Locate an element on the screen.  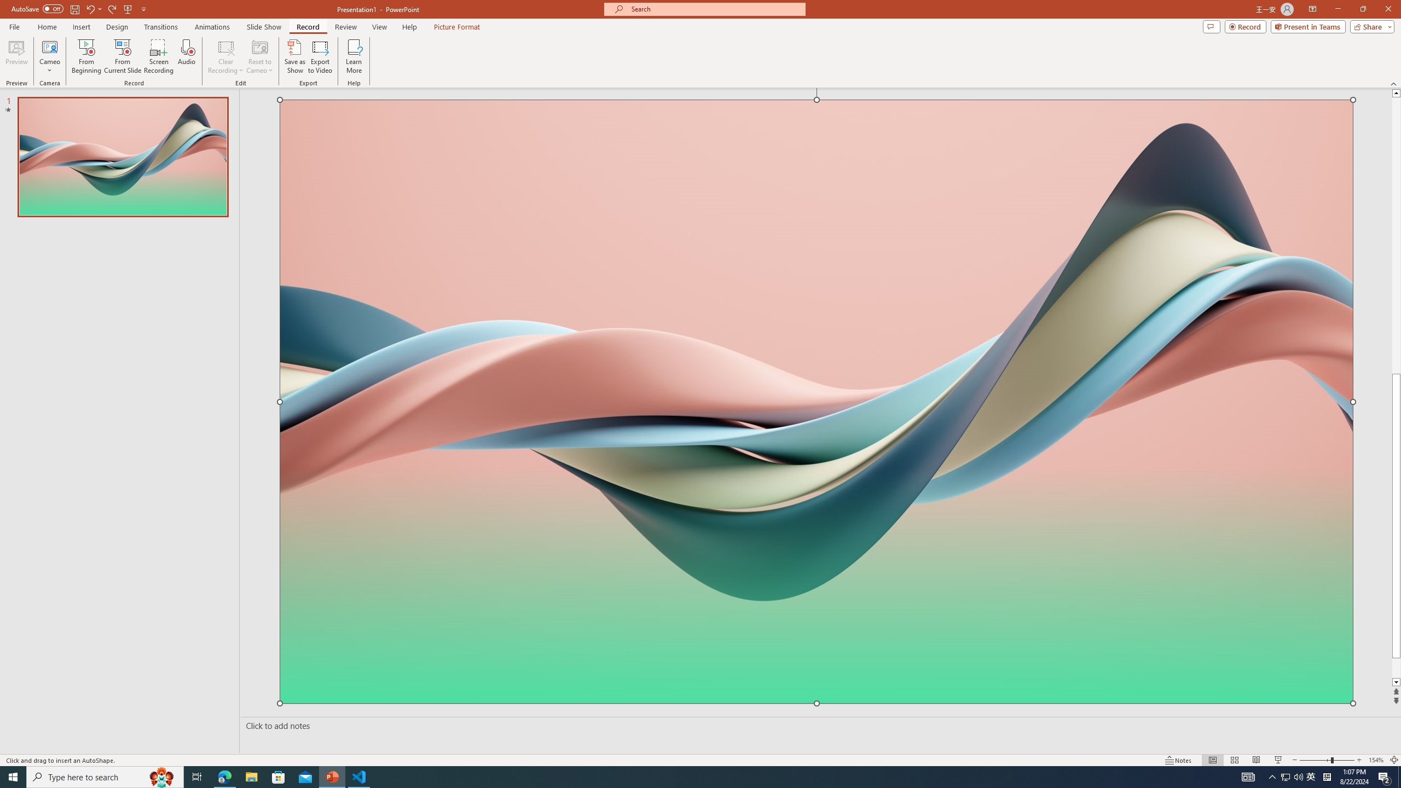
'Wavy 3D art' is located at coordinates (816, 401).